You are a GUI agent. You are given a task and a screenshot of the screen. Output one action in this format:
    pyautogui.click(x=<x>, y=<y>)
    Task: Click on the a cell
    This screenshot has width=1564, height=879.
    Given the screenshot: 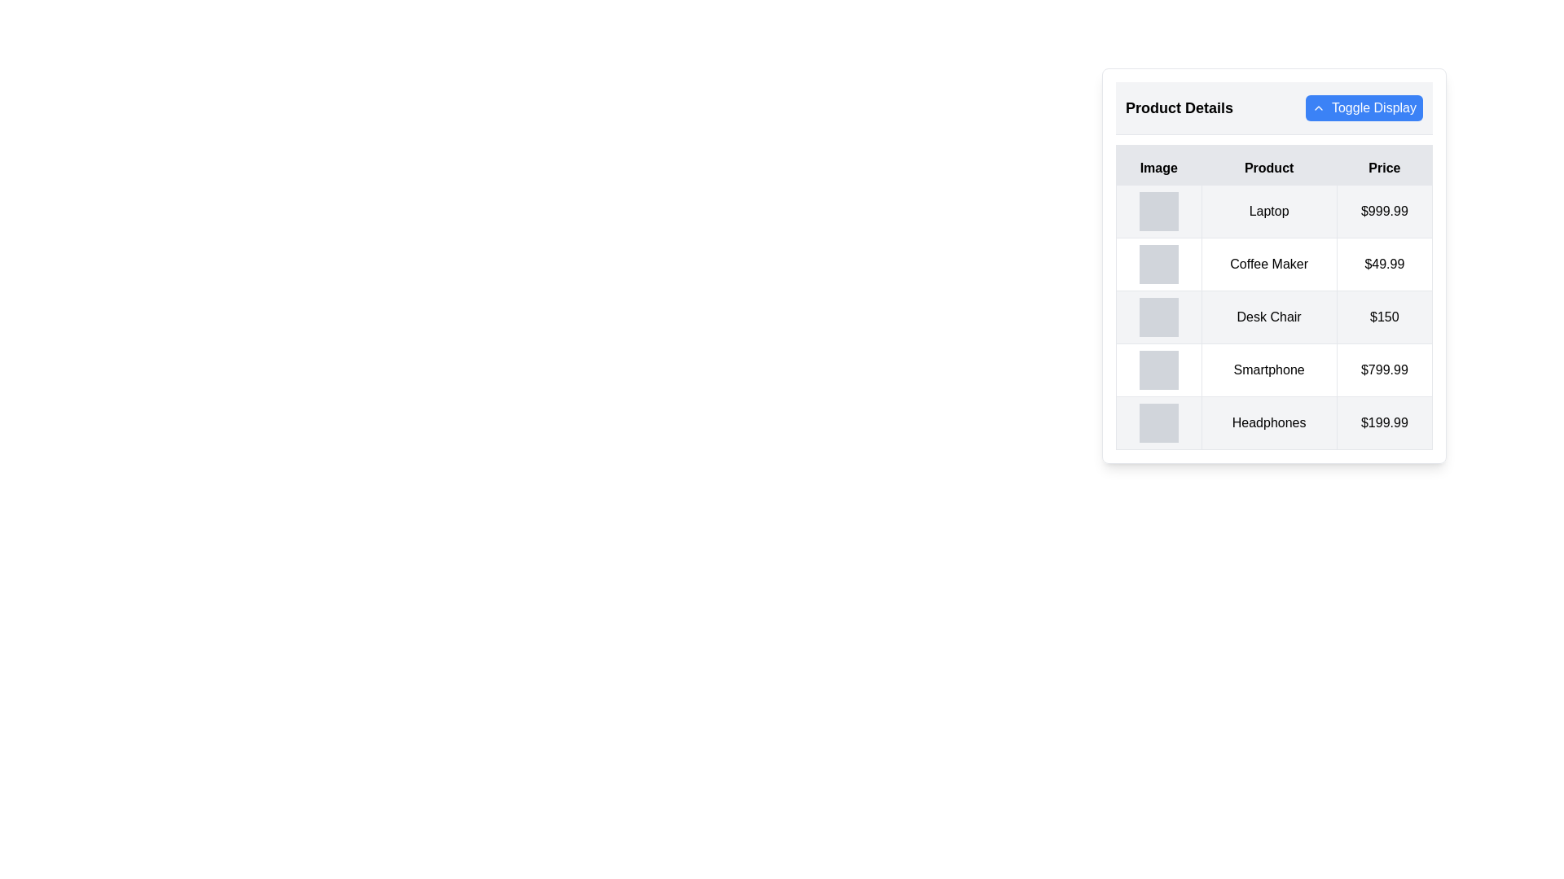 What is the action you would take?
    pyautogui.click(x=1273, y=317)
    